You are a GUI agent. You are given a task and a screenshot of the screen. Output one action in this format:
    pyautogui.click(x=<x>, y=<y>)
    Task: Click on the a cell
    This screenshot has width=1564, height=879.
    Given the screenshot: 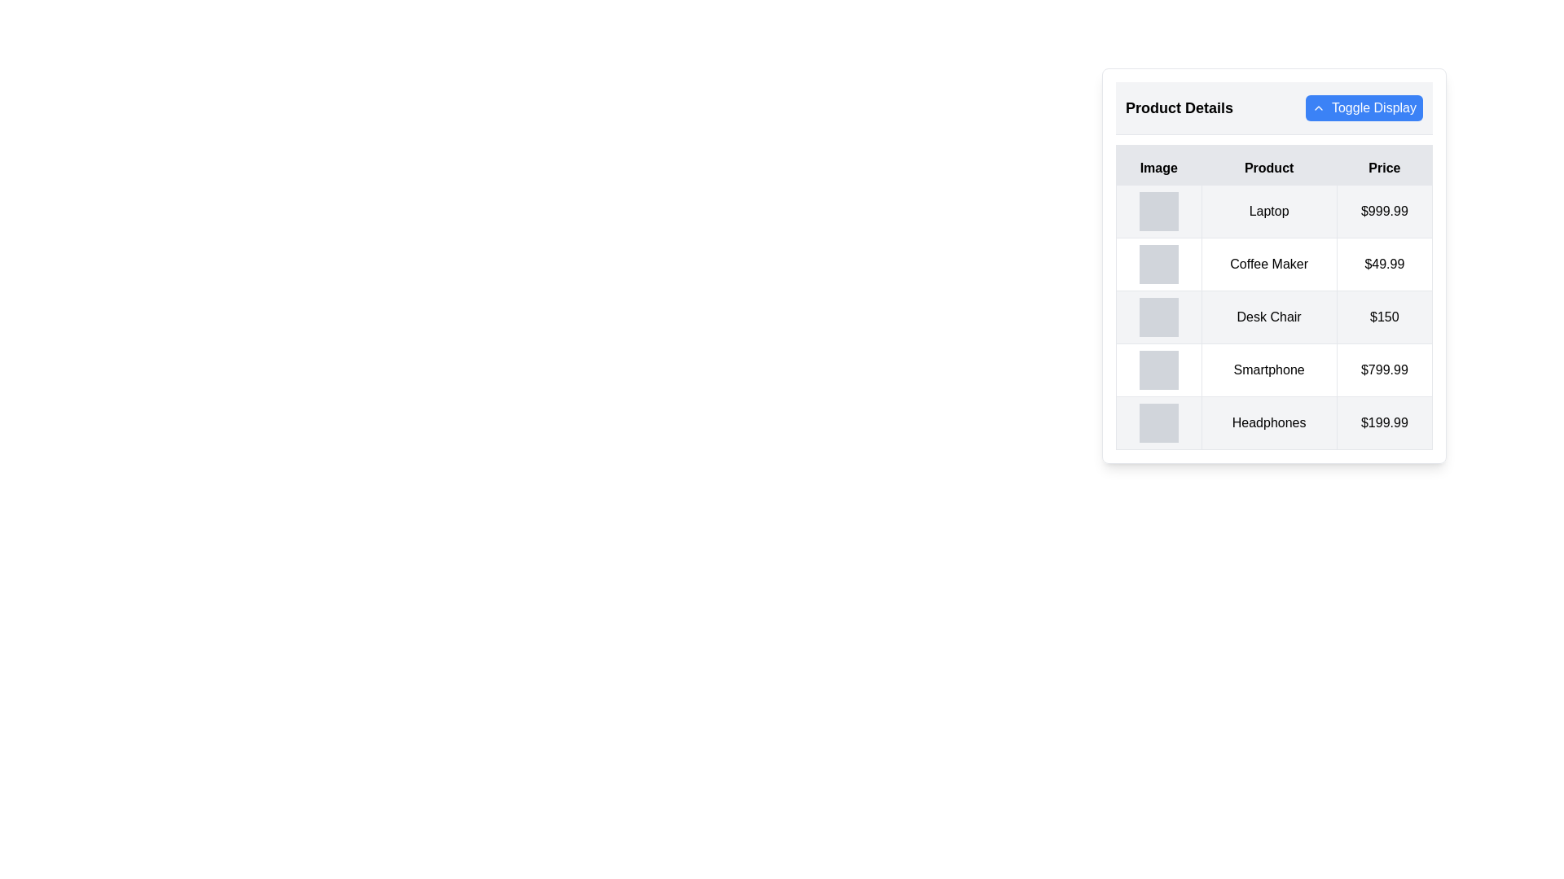 What is the action you would take?
    pyautogui.click(x=1273, y=317)
    